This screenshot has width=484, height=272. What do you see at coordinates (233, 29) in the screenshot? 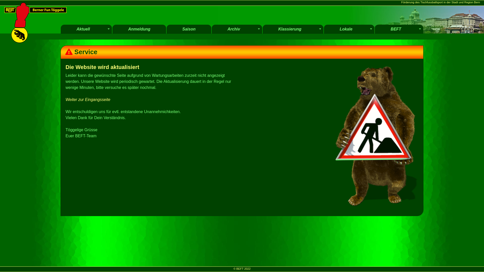
I see `'Archiv'` at bounding box center [233, 29].